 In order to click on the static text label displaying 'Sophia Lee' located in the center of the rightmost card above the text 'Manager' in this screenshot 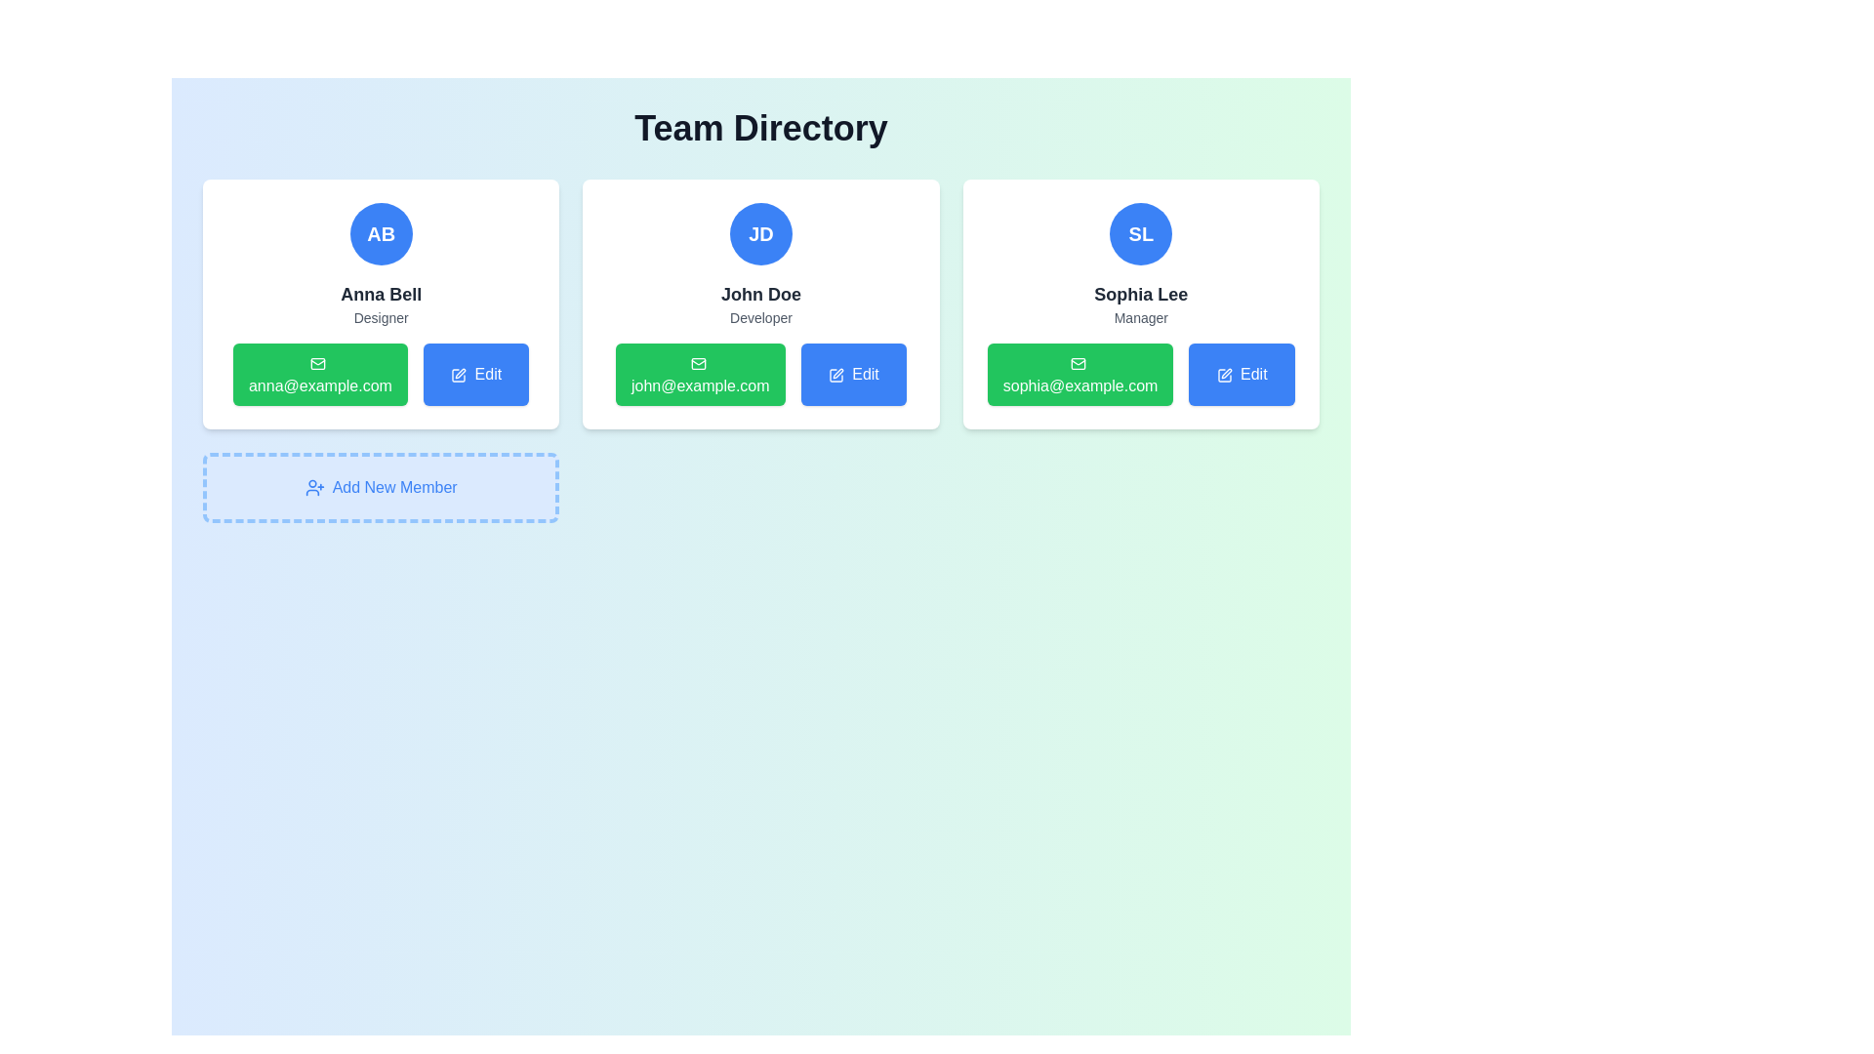, I will do `click(1141, 294)`.